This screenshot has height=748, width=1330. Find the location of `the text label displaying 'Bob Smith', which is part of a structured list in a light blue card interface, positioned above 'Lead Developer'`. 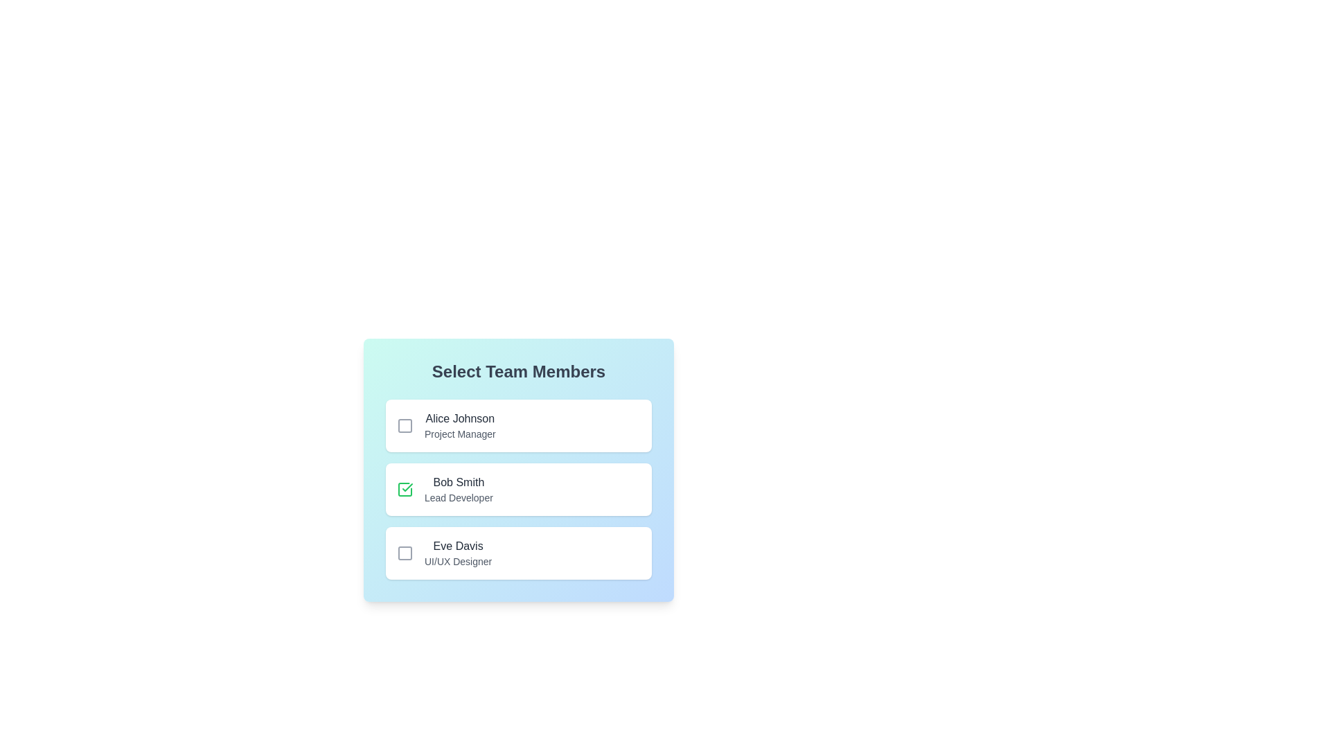

the text label displaying 'Bob Smith', which is part of a structured list in a light blue card interface, positioned above 'Lead Developer' is located at coordinates (459, 482).